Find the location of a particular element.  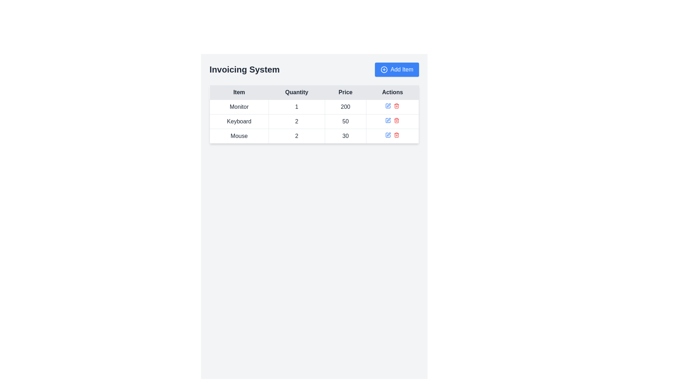

the 'Actions' text label, which is the header of the fourth column in the table, displaying the word 'Actions' in black text and styled with CSS attributes is located at coordinates (392, 92).